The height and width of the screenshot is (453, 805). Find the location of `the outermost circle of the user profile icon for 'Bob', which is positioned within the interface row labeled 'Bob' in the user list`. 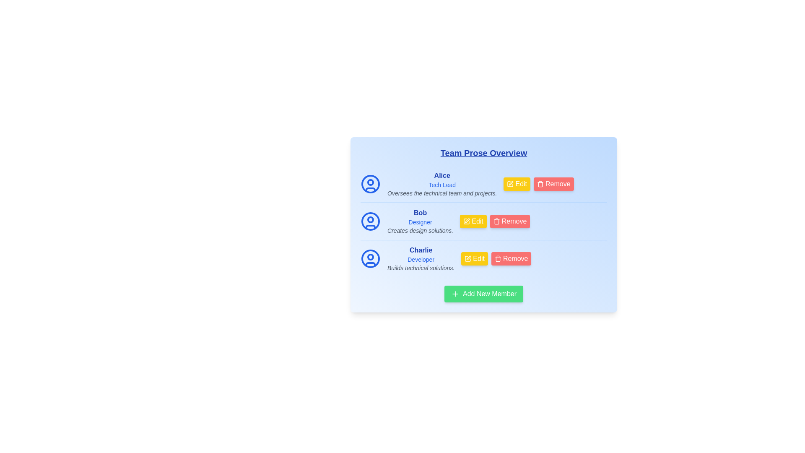

the outermost circle of the user profile icon for 'Bob', which is positioned within the interface row labeled 'Bob' in the user list is located at coordinates (370, 221).